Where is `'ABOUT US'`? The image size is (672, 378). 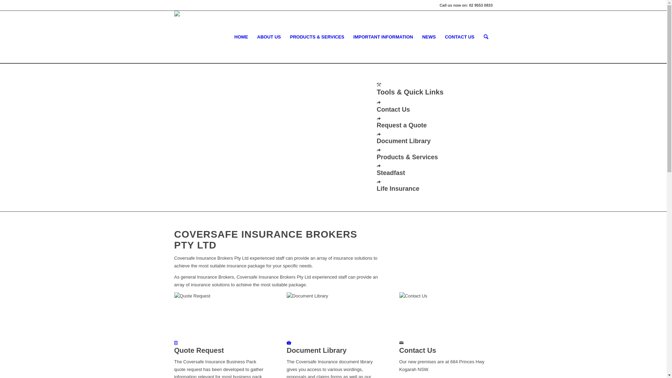 'ABOUT US' is located at coordinates (268, 37).